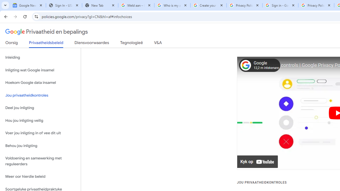  I want to click on 'Kyk op YouTube', so click(258, 162).